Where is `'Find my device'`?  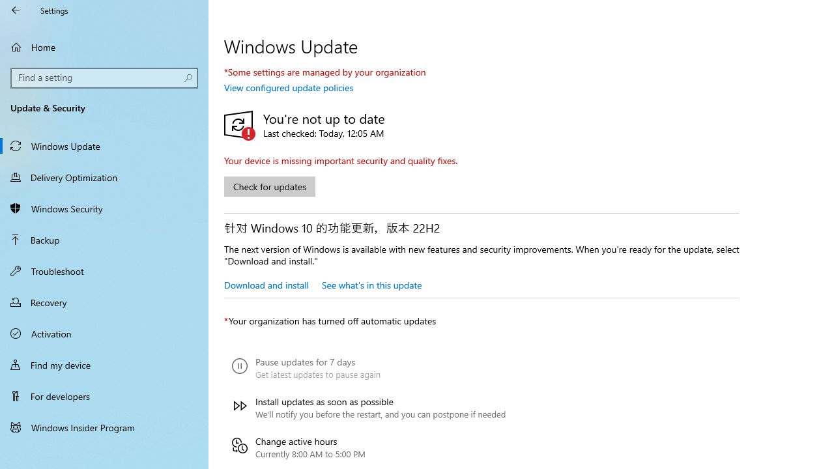 'Find my device' is located at coordinates (104, 364).